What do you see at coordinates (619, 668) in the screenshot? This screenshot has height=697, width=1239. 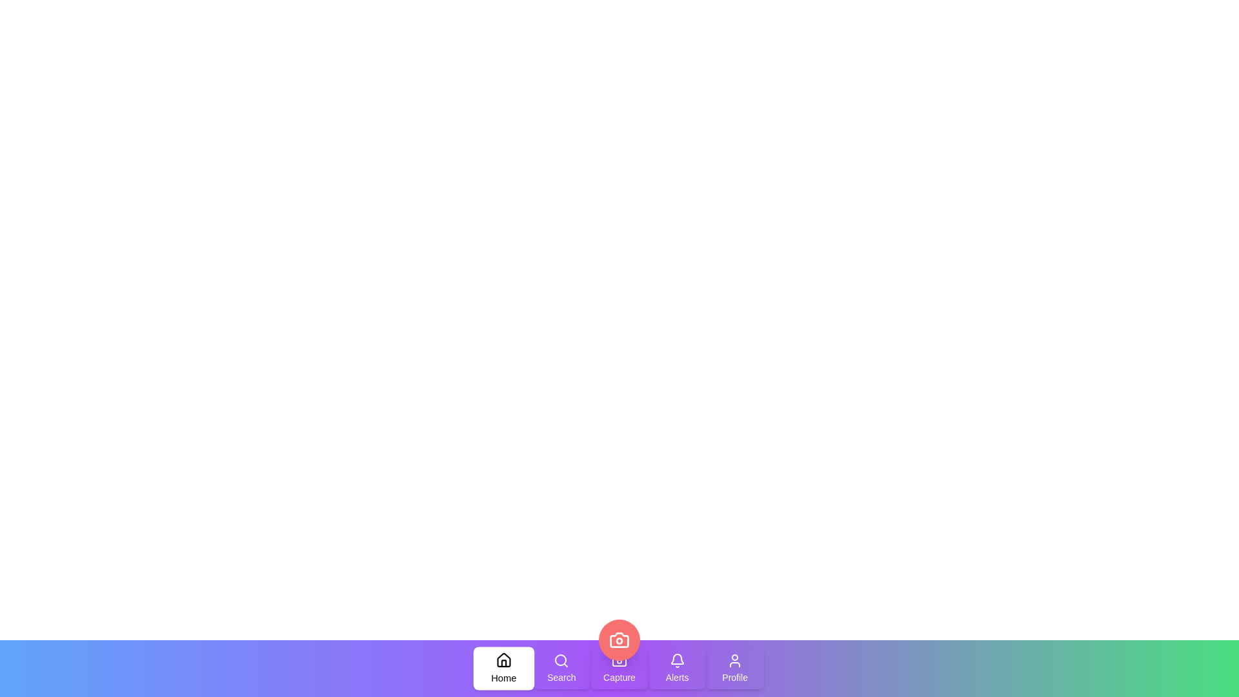 I see `the tab labeled 'Capture' to observe its hover effect` at bounding box center [619, 668].